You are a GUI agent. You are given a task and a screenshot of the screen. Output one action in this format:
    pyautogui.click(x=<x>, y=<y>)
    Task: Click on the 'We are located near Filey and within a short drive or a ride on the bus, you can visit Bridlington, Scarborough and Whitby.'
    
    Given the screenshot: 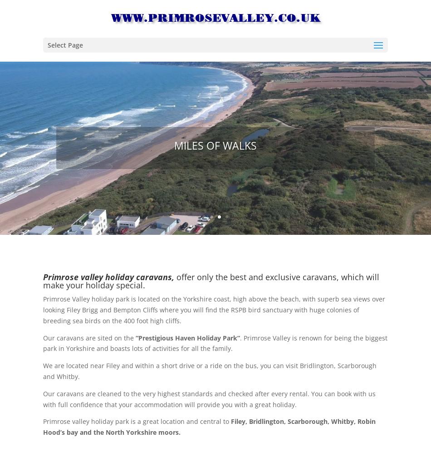 What is the action you would take?
    pyautogui.click(x=209, y=371)
    